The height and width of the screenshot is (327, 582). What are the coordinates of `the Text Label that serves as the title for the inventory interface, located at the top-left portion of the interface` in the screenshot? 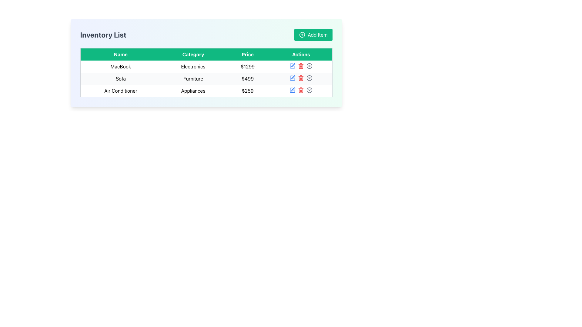 It's located at (103, 35).